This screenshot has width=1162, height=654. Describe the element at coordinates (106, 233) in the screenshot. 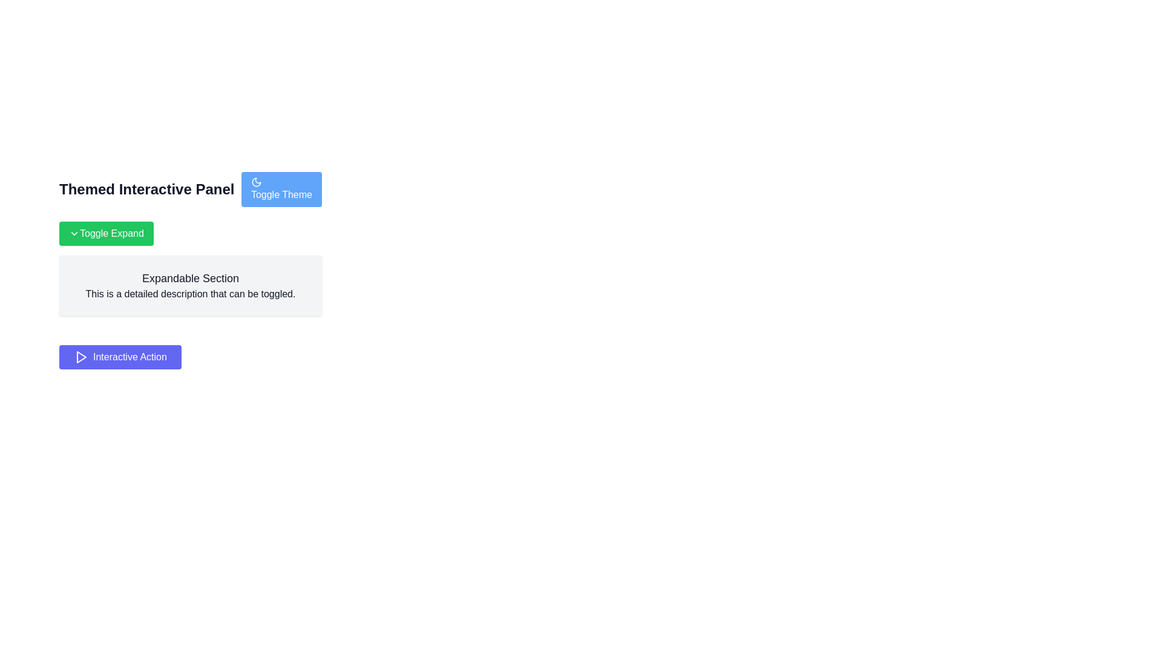

I see `the button located above the 'Expandable Section'` at that location.